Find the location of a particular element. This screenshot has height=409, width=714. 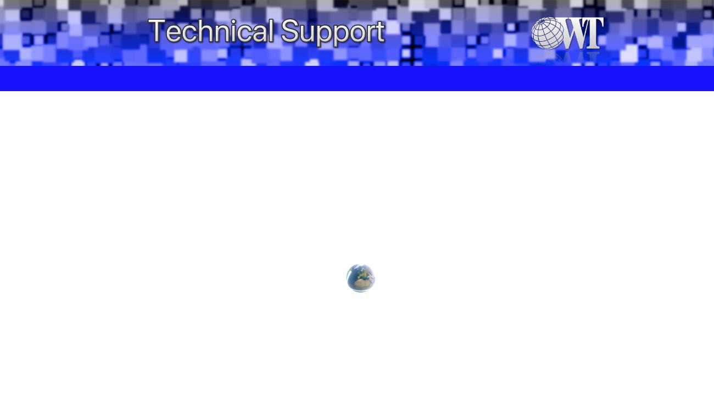

'Fiber' is located at coordinates (211, 77).